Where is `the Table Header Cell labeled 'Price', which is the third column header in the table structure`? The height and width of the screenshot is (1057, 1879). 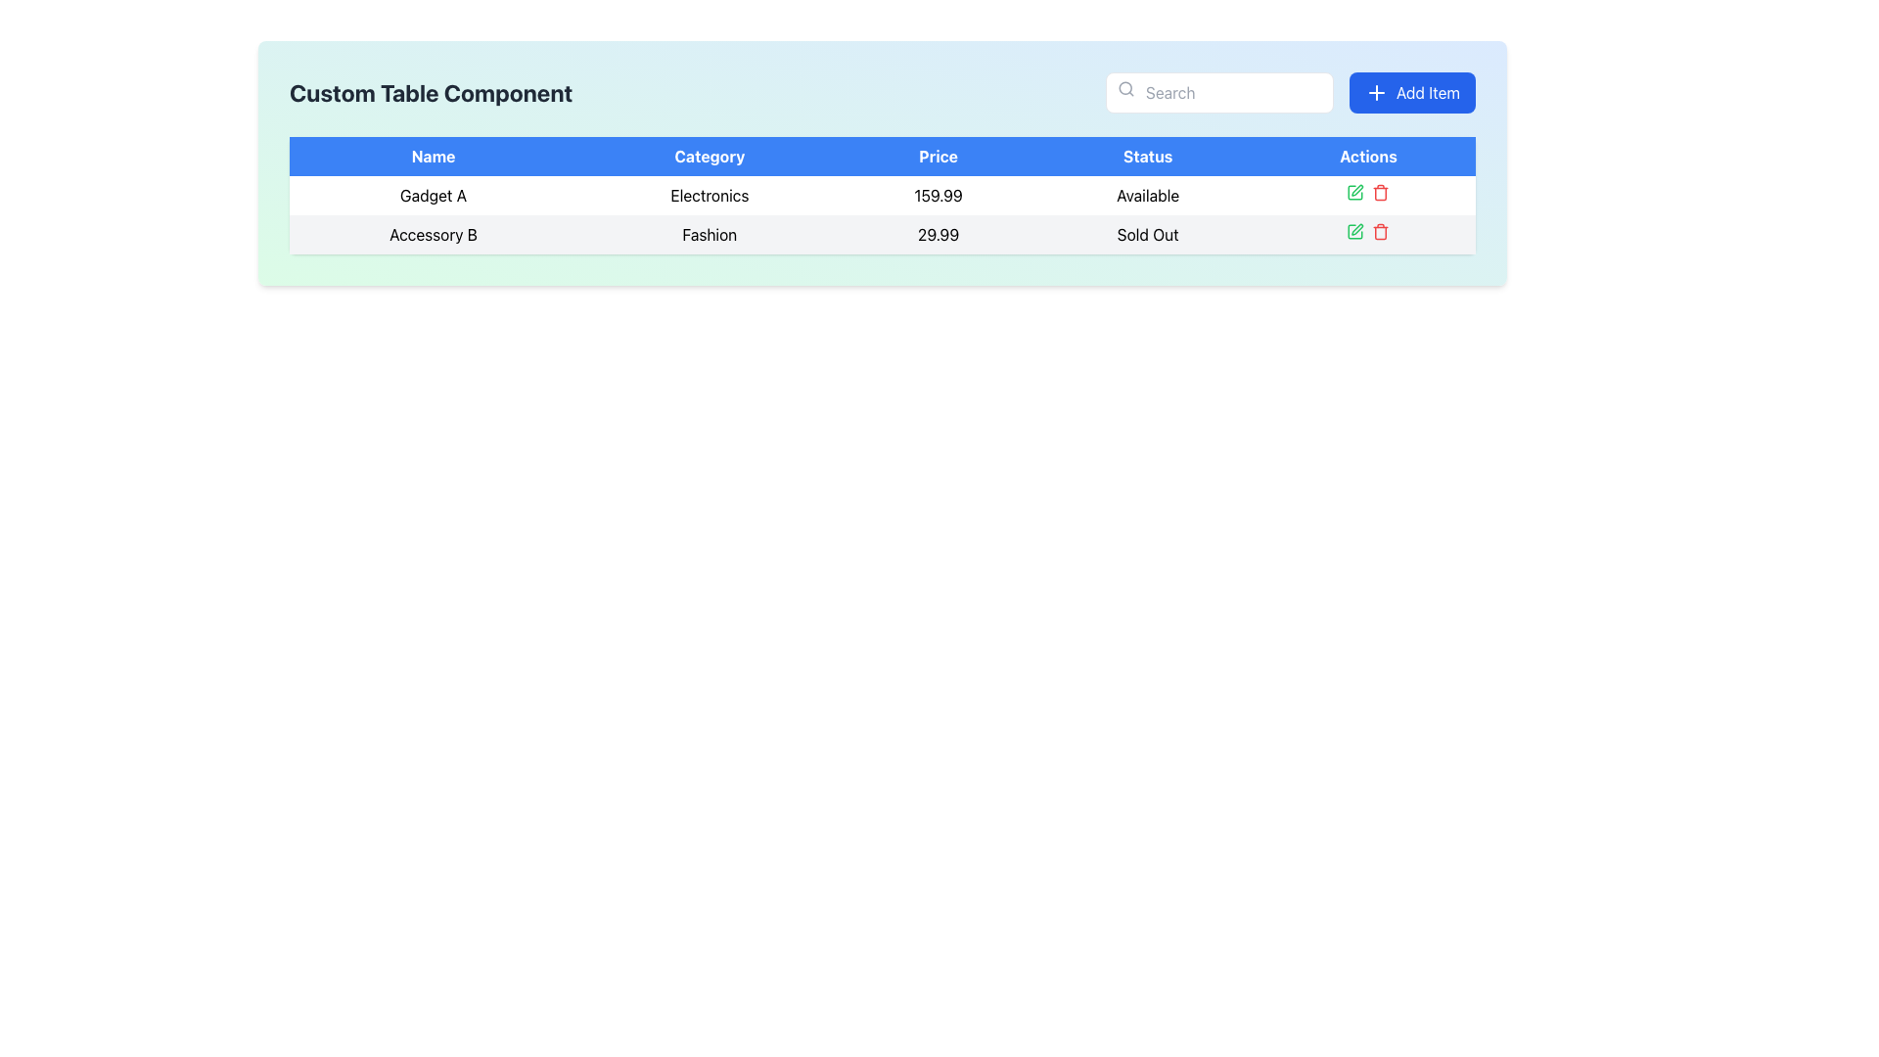
the Table Header Cell labeled 'Price', which is the third column header in the table structure is located at coordinates (938, 155).